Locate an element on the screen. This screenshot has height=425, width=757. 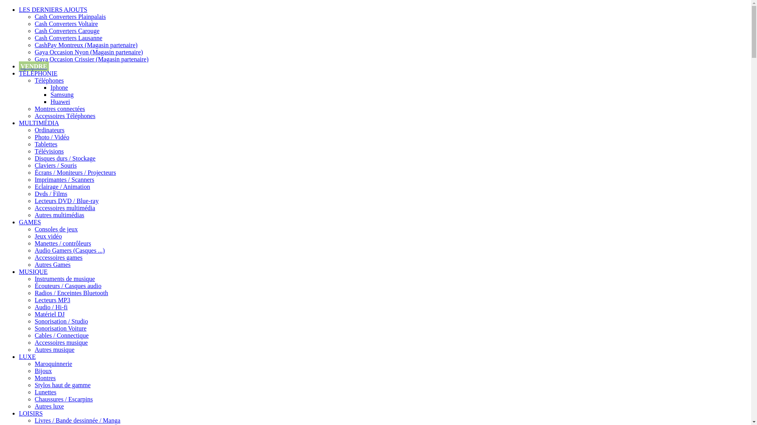
'Eclairage / Animation' is located at coordinates (62, 187).